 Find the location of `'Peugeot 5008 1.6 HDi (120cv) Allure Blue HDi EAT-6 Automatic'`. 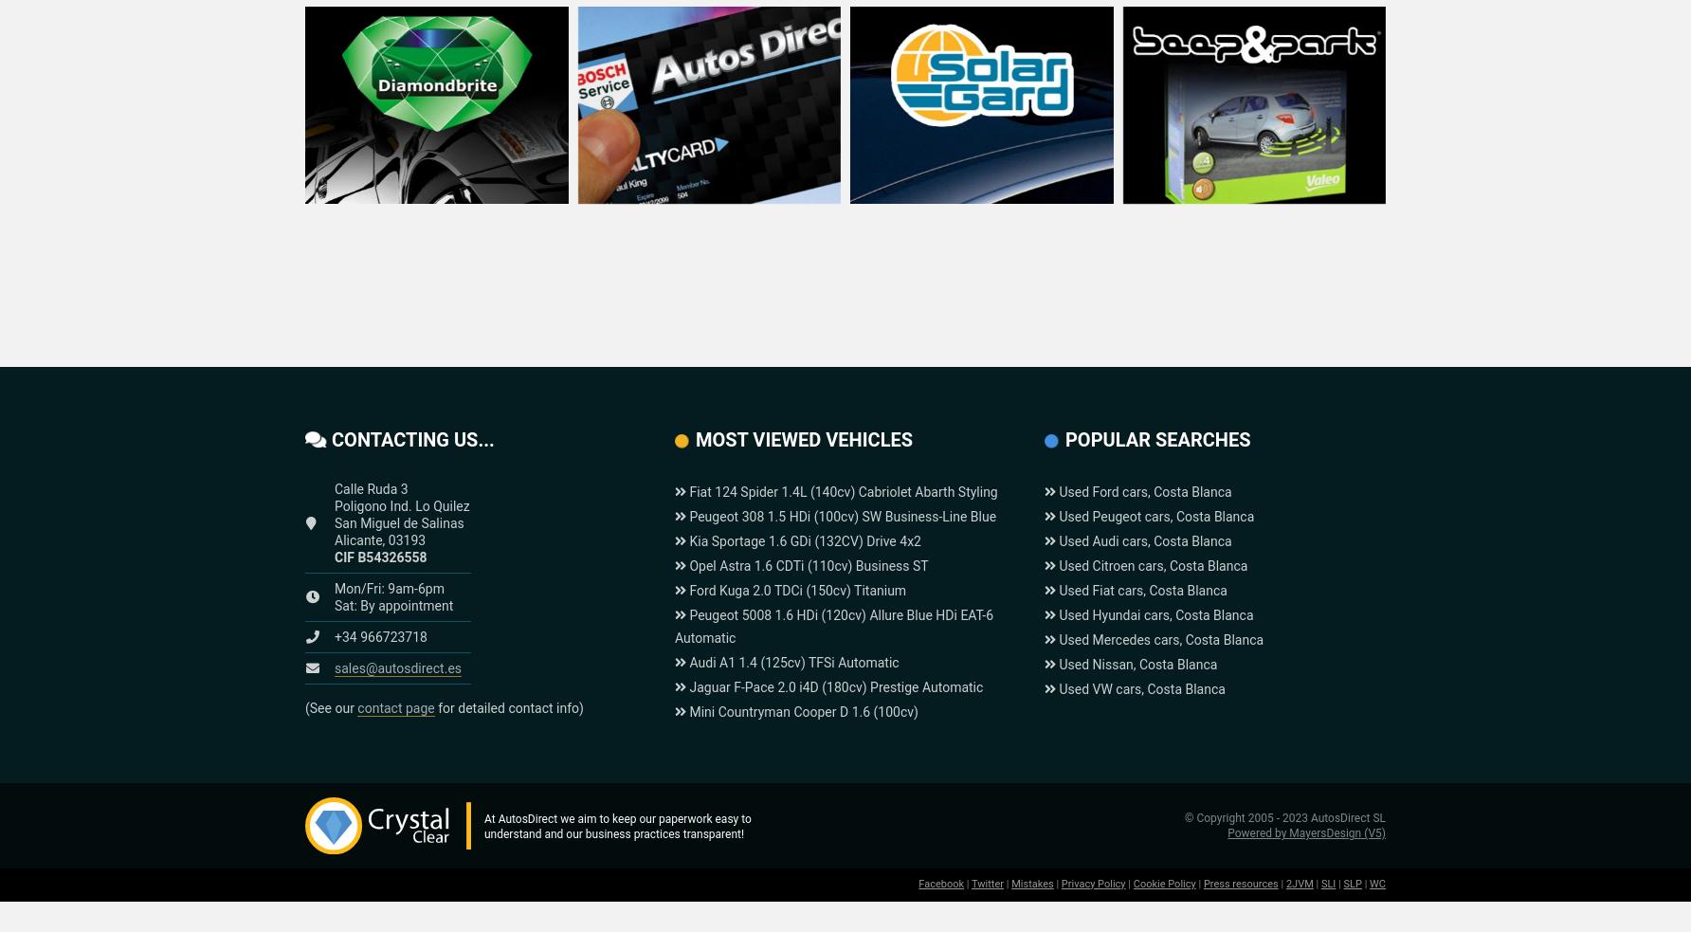

'Peugeot 5008 1.6 HDi (120cv) Allure Blue HDi EAT-6 Automatic' is located at coordinates (832, 625).